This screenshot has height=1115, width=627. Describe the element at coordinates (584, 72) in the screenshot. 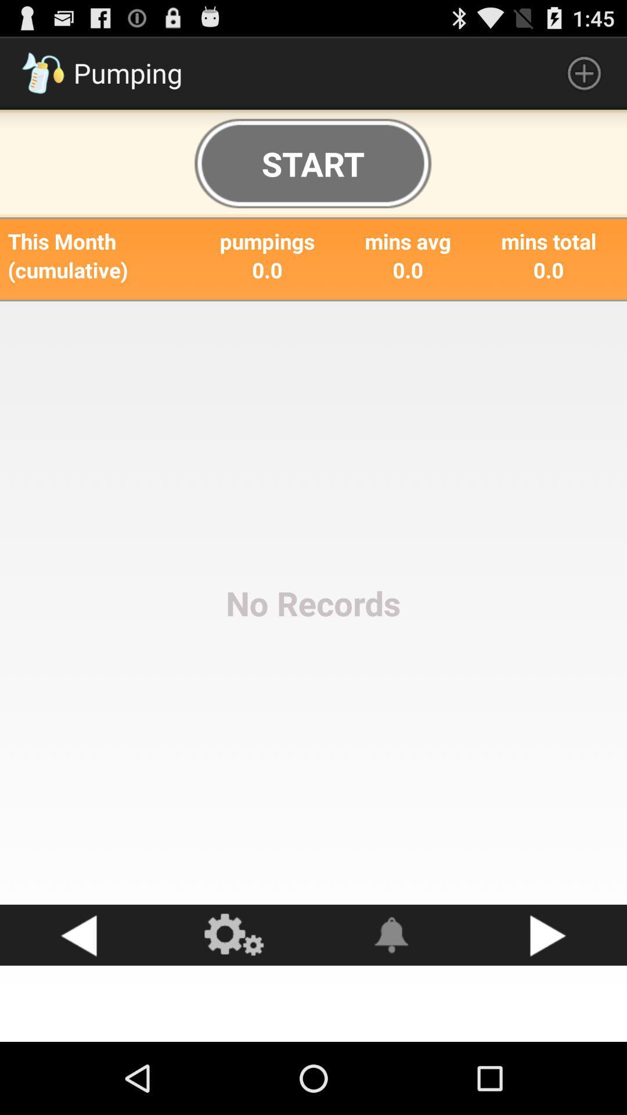

I see `the icon to the right of the pumping app` at that location.